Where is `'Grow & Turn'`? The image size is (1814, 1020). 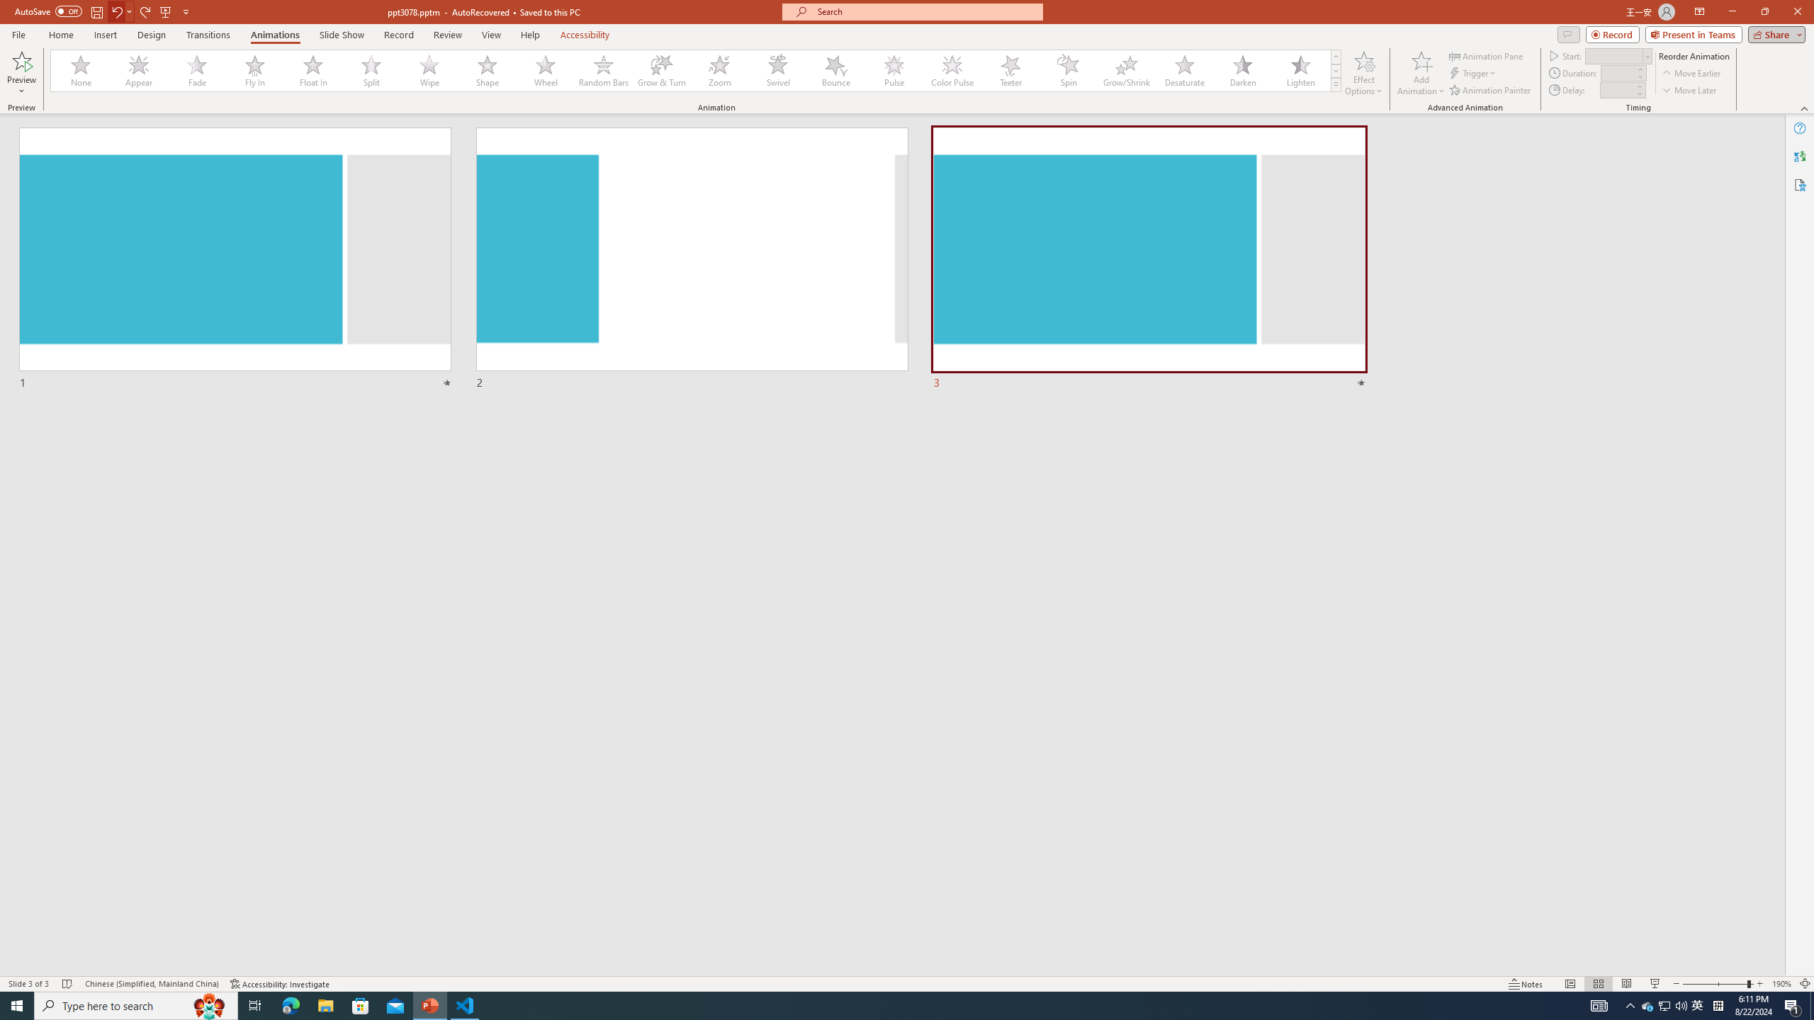 'Grow & Turn' is located at coordinates (661, 70).